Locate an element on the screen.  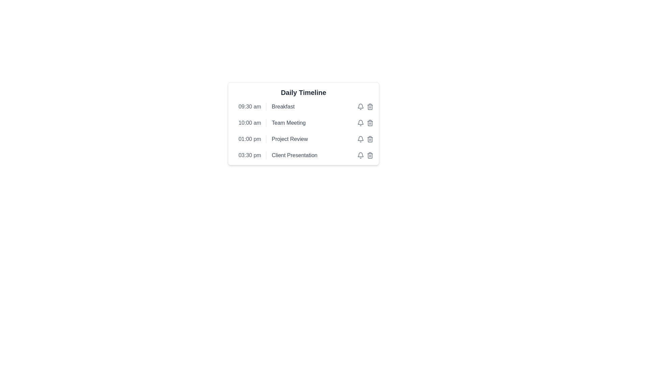
title 'Daily Timeline' from the bold header text label that is centered at the top of the daily schedule card is located at coordinates (303, 92).